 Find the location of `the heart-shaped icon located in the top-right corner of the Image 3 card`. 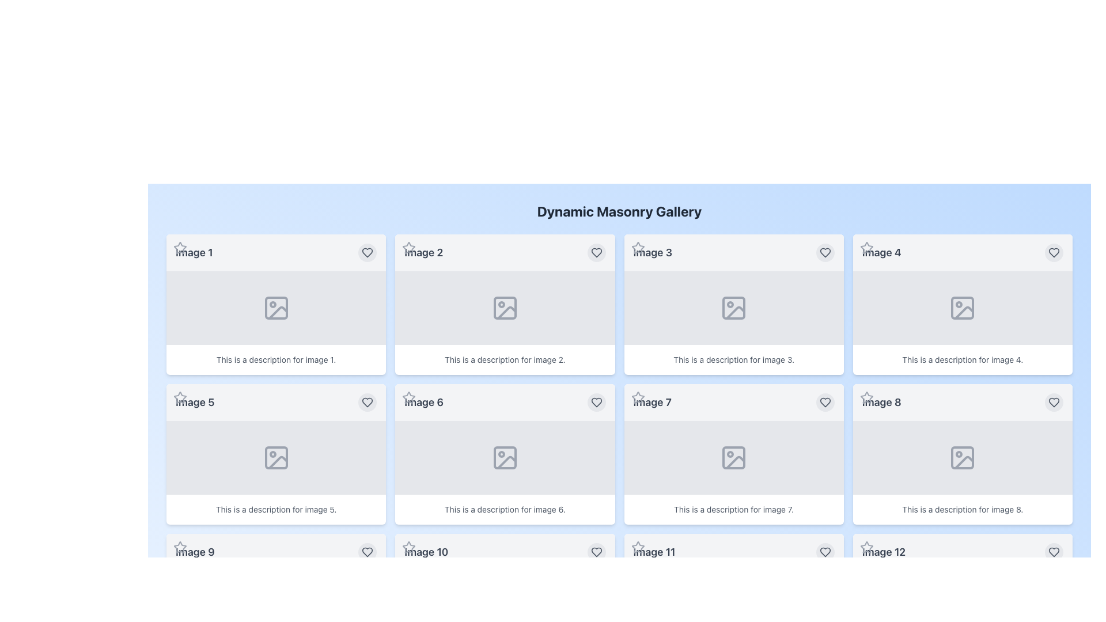

the heart-shaped icon located in the top-right corner of the Image 3 card is located at coordinates (824, 252).